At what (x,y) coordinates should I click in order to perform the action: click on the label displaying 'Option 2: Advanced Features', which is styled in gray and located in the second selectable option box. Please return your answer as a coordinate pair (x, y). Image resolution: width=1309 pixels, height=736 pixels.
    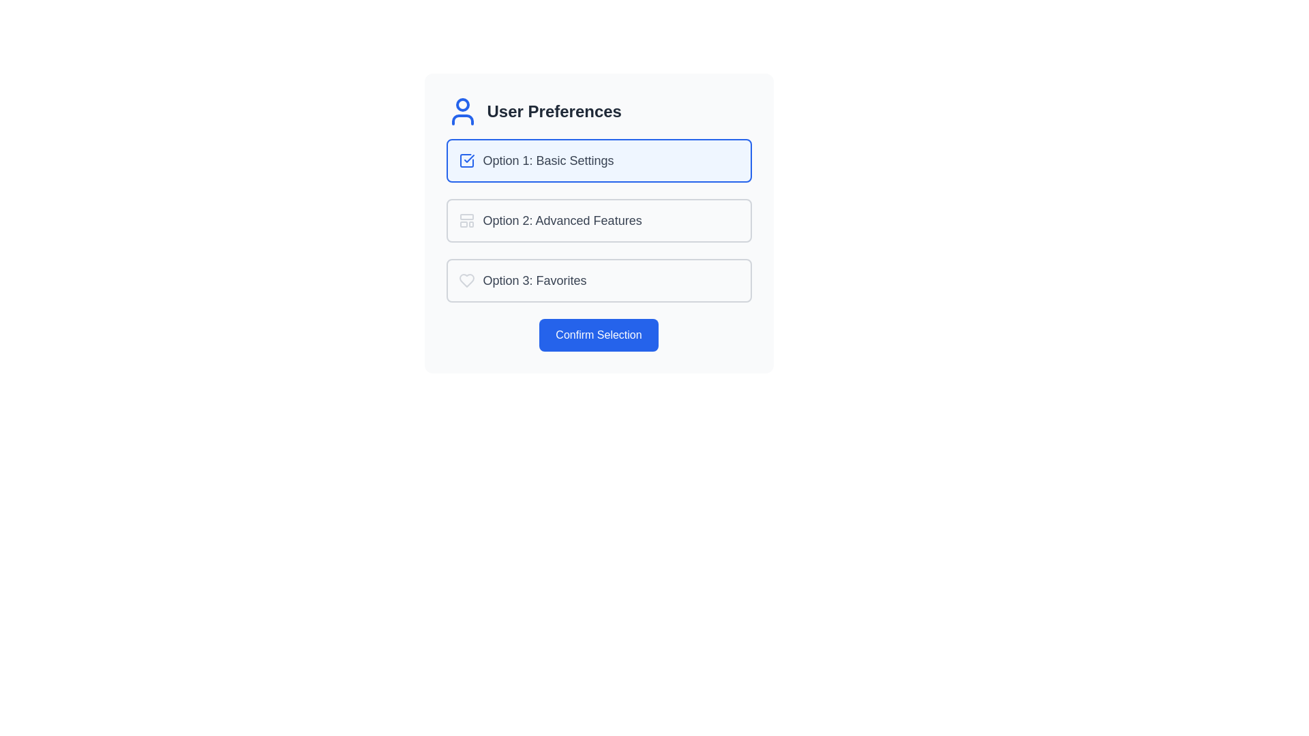
    Looking at the image, I should click on (562, 220).